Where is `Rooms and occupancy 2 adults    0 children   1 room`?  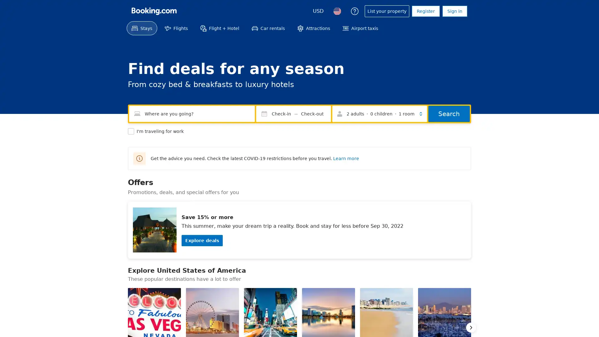 Rooms and occupancy 2 adults    0 children   1 room is located at coordinates (379, 114).